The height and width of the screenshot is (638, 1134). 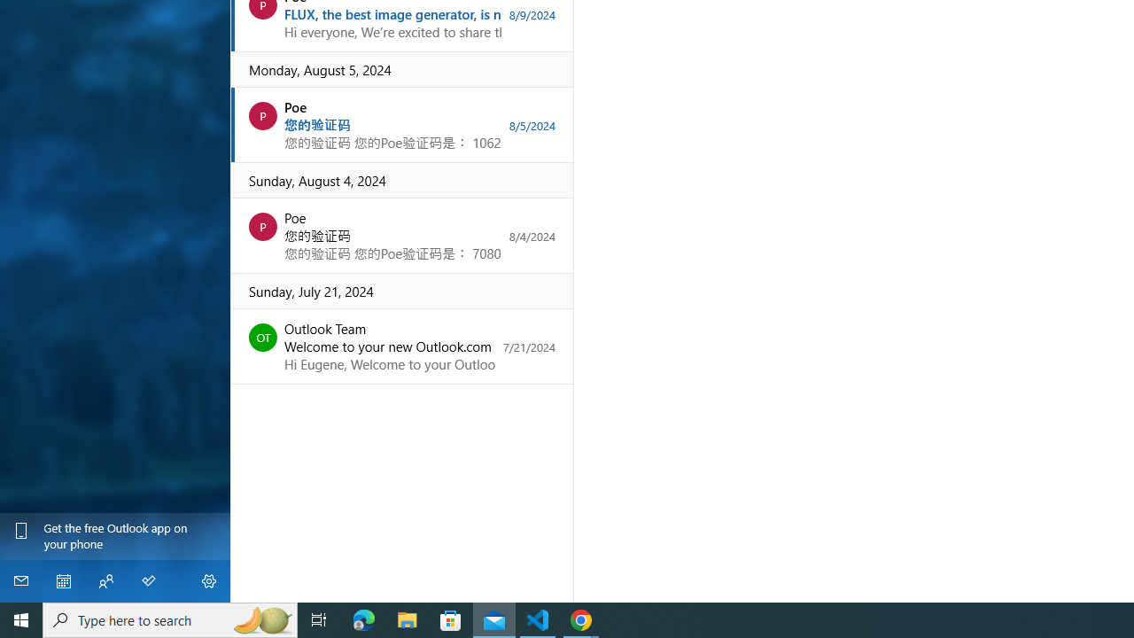 I want to click on 'Switch to To Do', so click(x=148, y=580).